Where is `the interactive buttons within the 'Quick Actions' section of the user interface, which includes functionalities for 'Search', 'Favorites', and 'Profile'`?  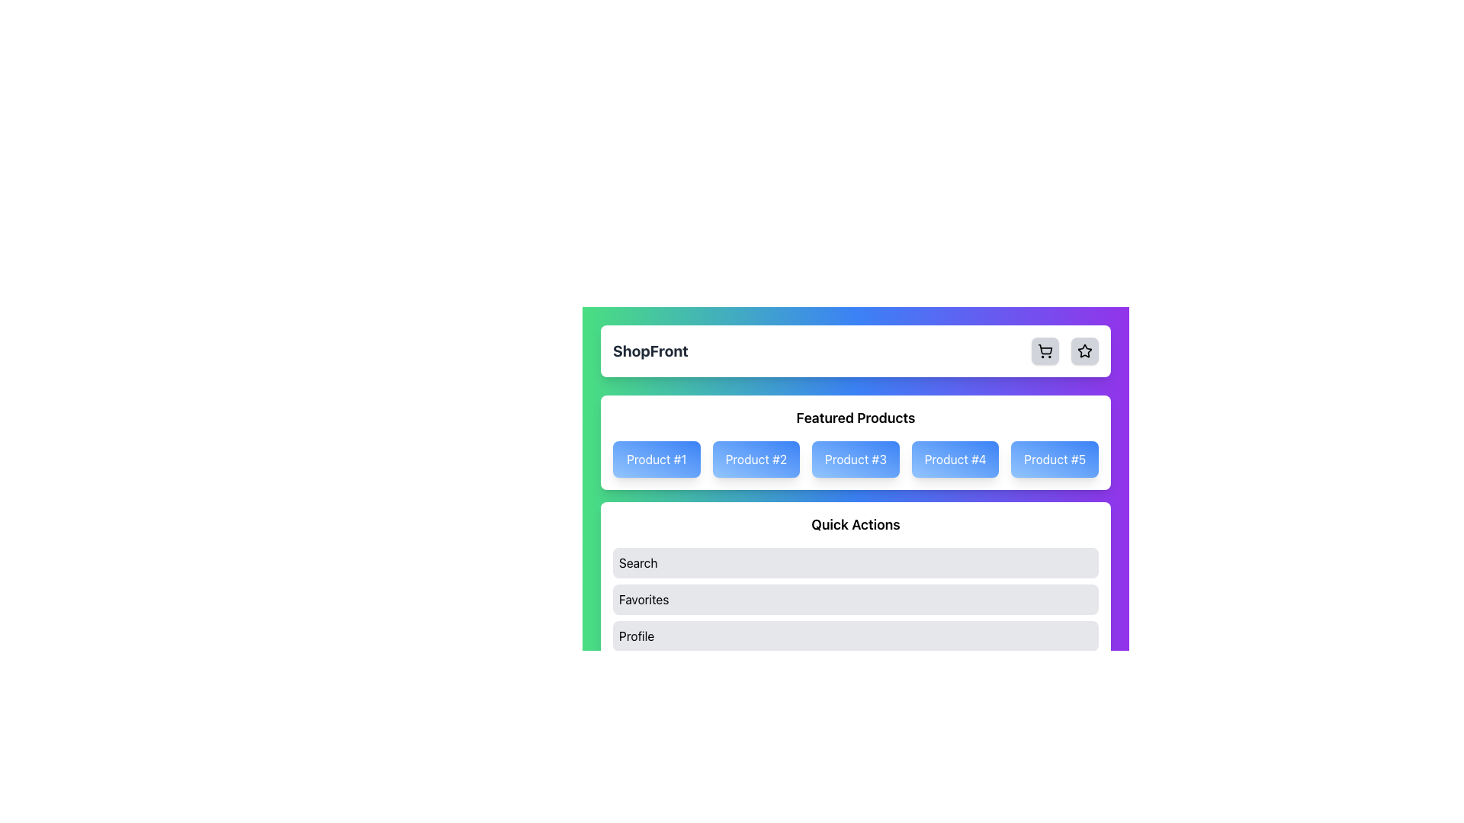
the interactive buttons within the 'Quick Actions' section of the user interface, which includes functionalities for 'Search', 'Favorites', and 'Profile' is located at coordinates (856, 582).